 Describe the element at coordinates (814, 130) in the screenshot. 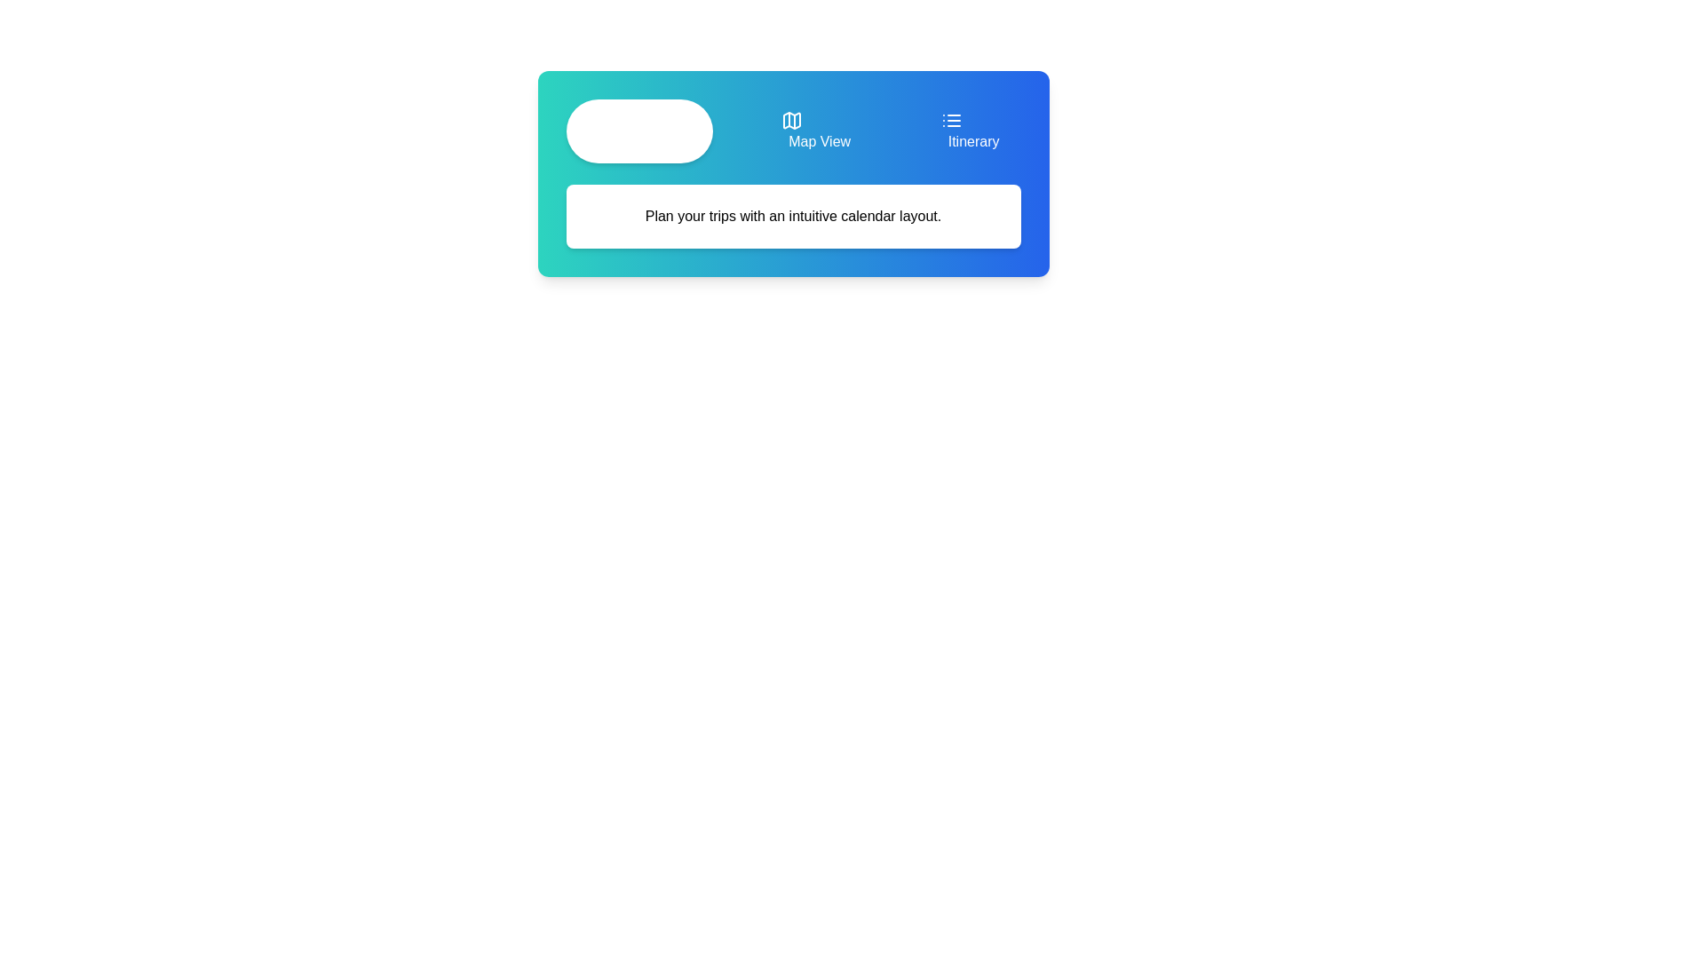

I see `the Map View tab by clicking on its button` at that location.